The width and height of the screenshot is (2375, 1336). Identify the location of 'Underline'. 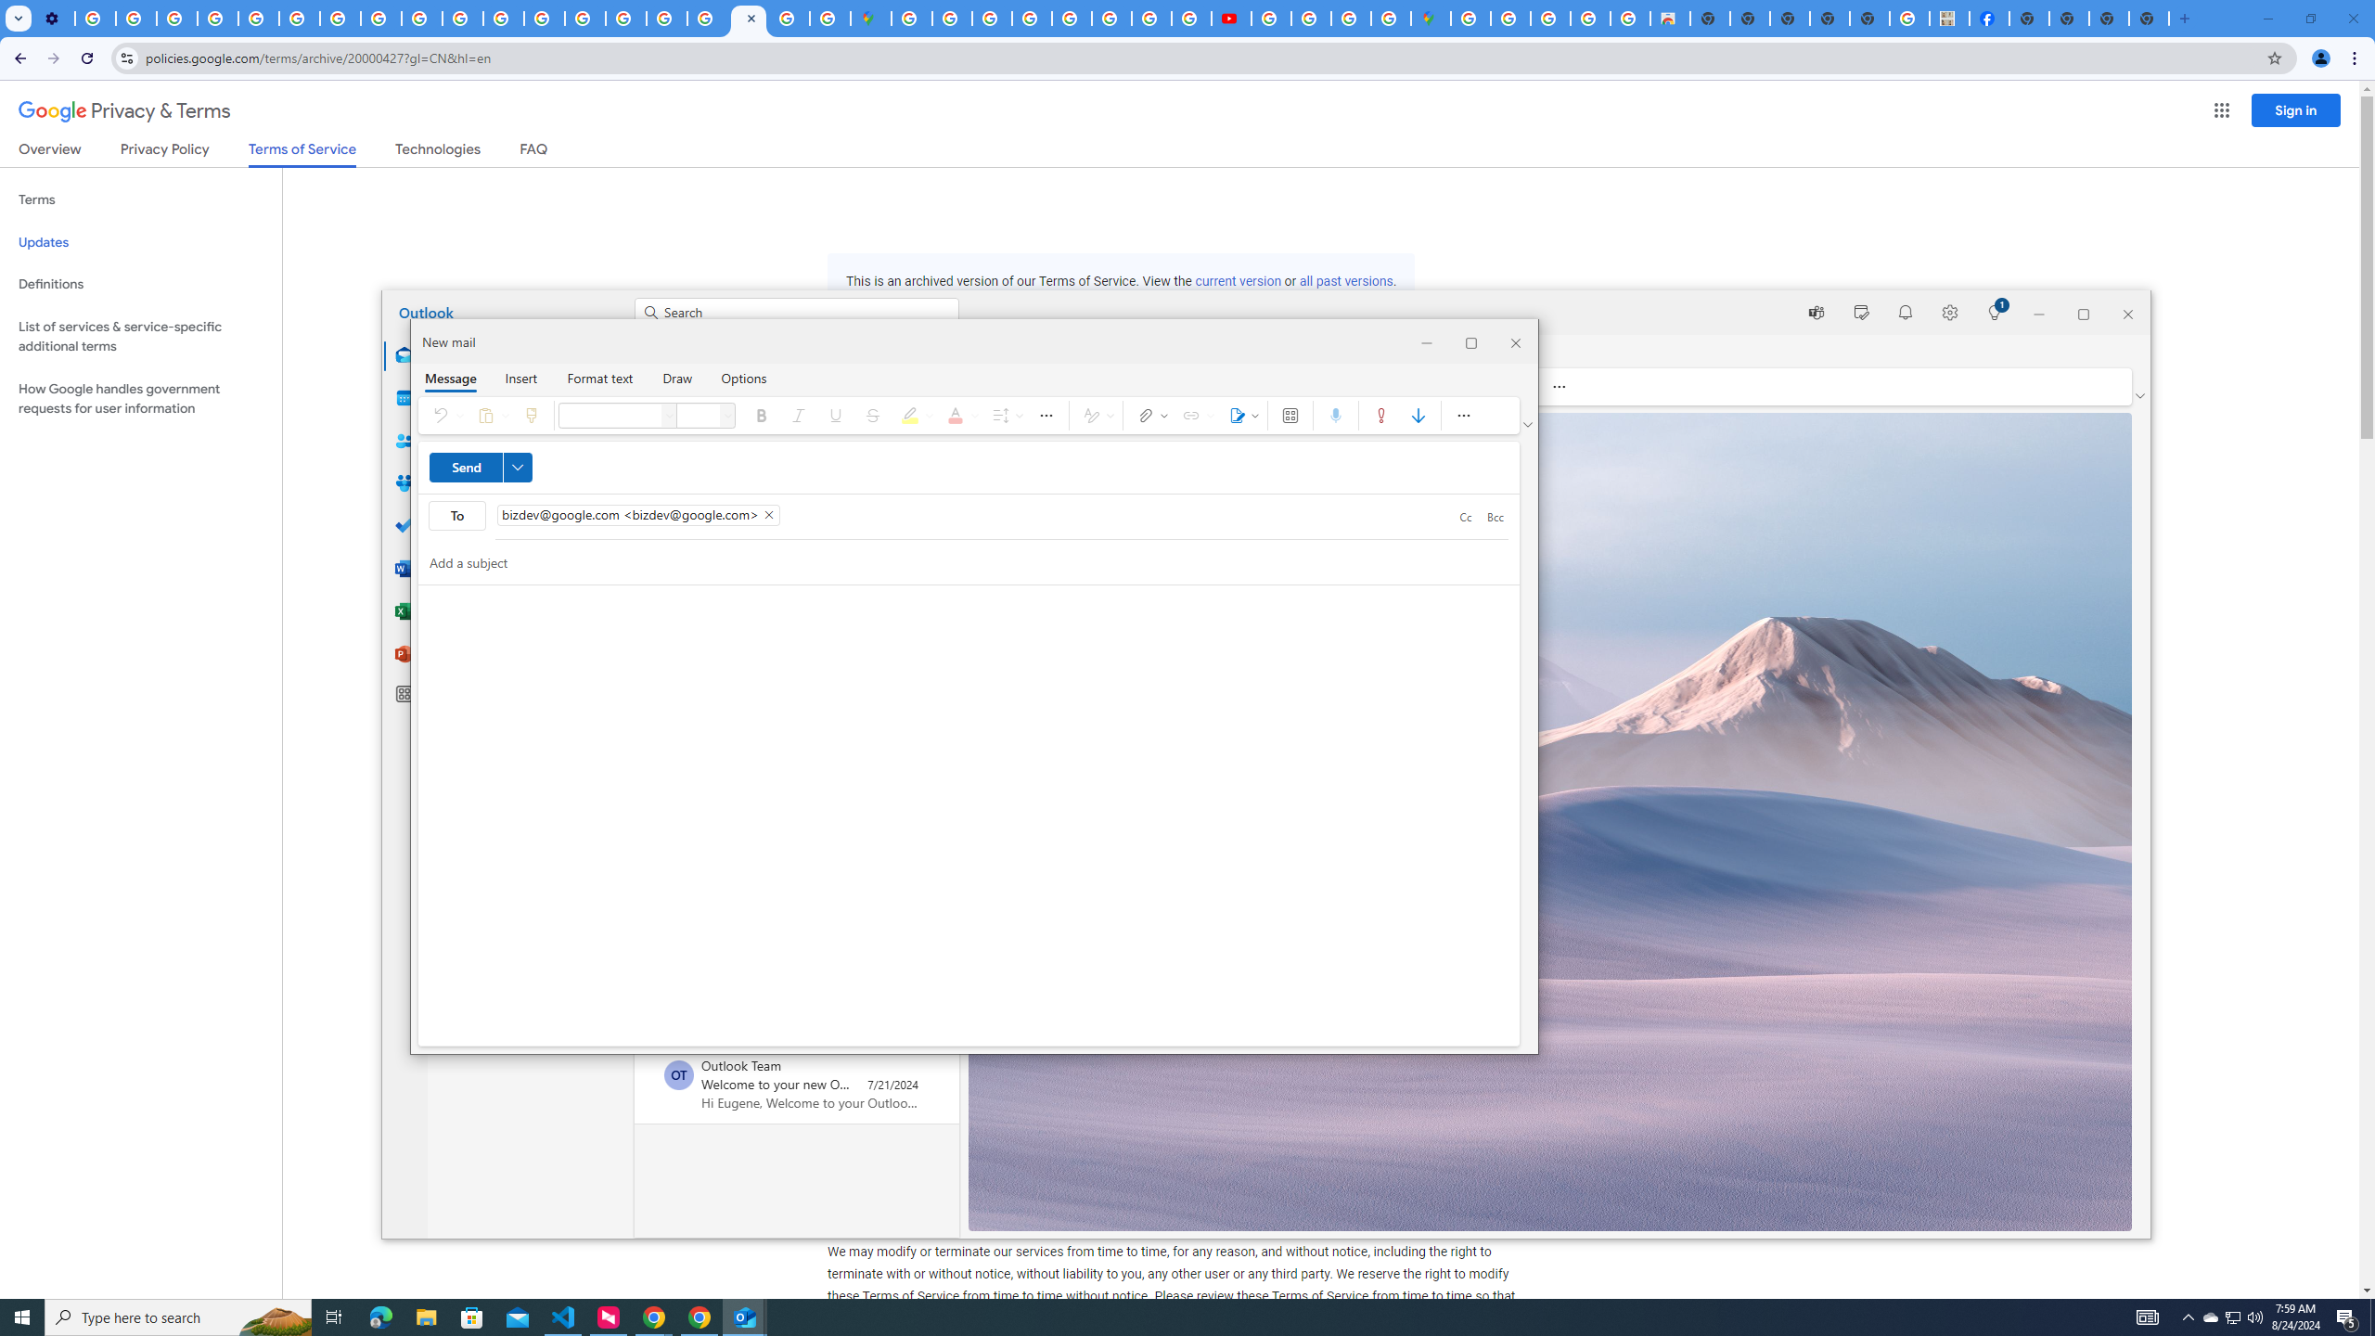
(835, 415).